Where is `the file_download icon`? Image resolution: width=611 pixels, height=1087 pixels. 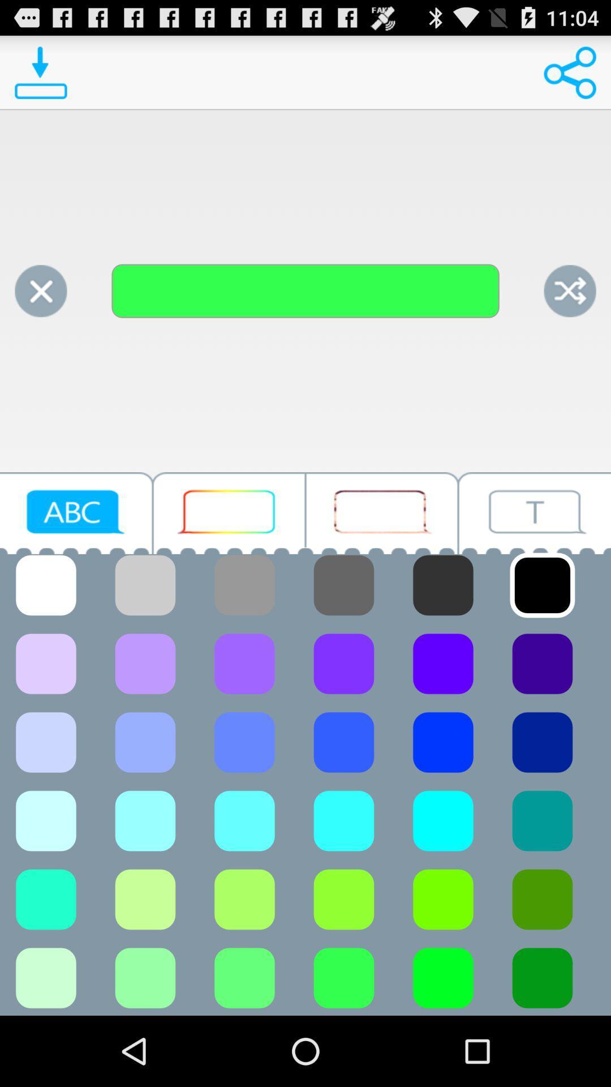
the file_download icon is located at coordinates (40, 77).